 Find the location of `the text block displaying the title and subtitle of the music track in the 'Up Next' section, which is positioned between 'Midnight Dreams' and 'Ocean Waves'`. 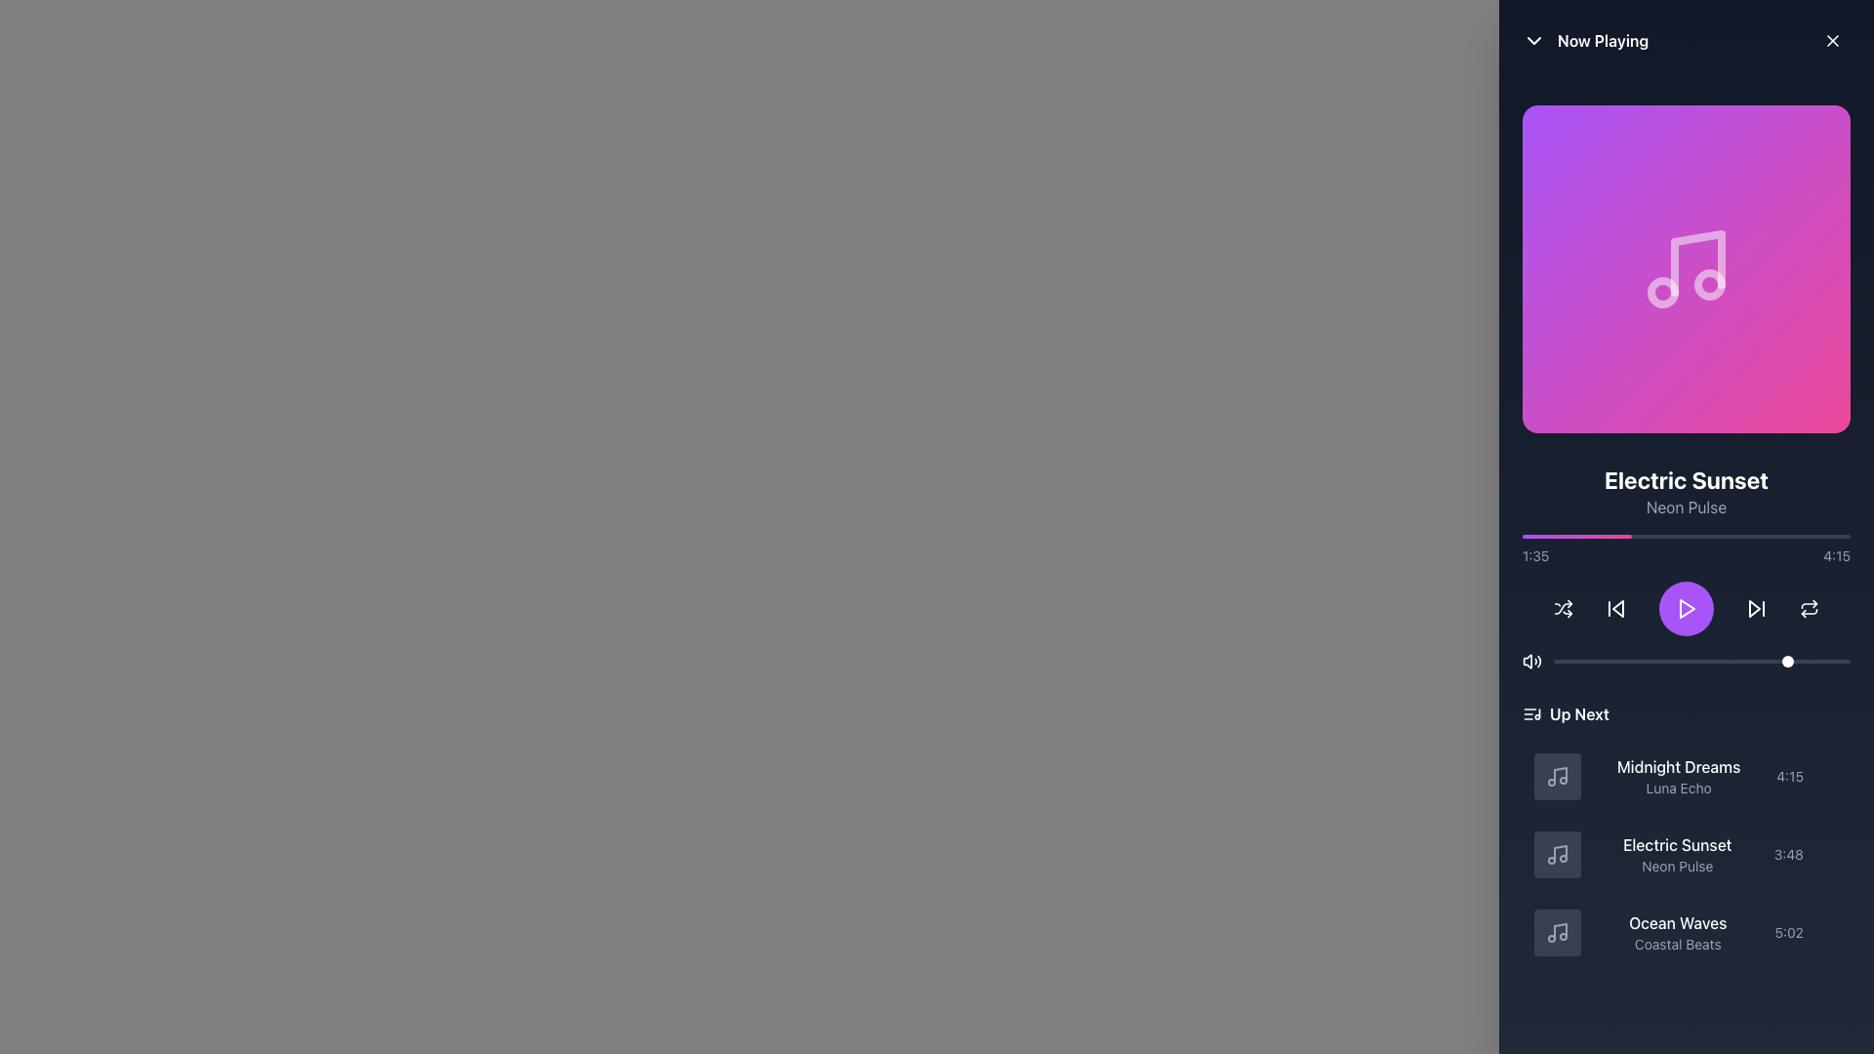

the text block displaying the title and subtitle of the music track in the 'Up Next' section, which is positioned between 'Midnight Dreams' and 'Ocean Waves' is located at coordinates (1676, 853).